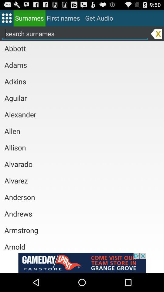 Image resolution: width=164 pixels, height=292 pixels. Describe the element at coordinates (82, 262) in the screenshot. I see `an advertisement` at that location.